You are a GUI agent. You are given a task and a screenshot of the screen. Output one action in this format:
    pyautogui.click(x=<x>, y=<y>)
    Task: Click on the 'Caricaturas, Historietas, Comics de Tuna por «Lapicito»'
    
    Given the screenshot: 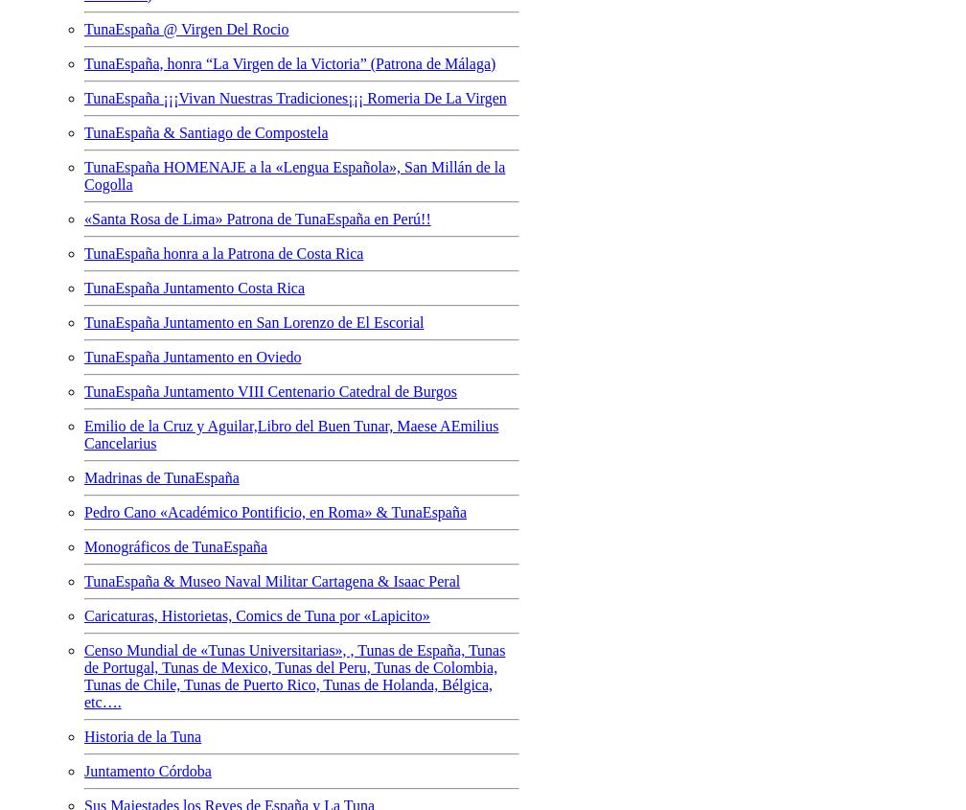 What is the action you would take?
    pyautogui.click(x=83, y=614)
    